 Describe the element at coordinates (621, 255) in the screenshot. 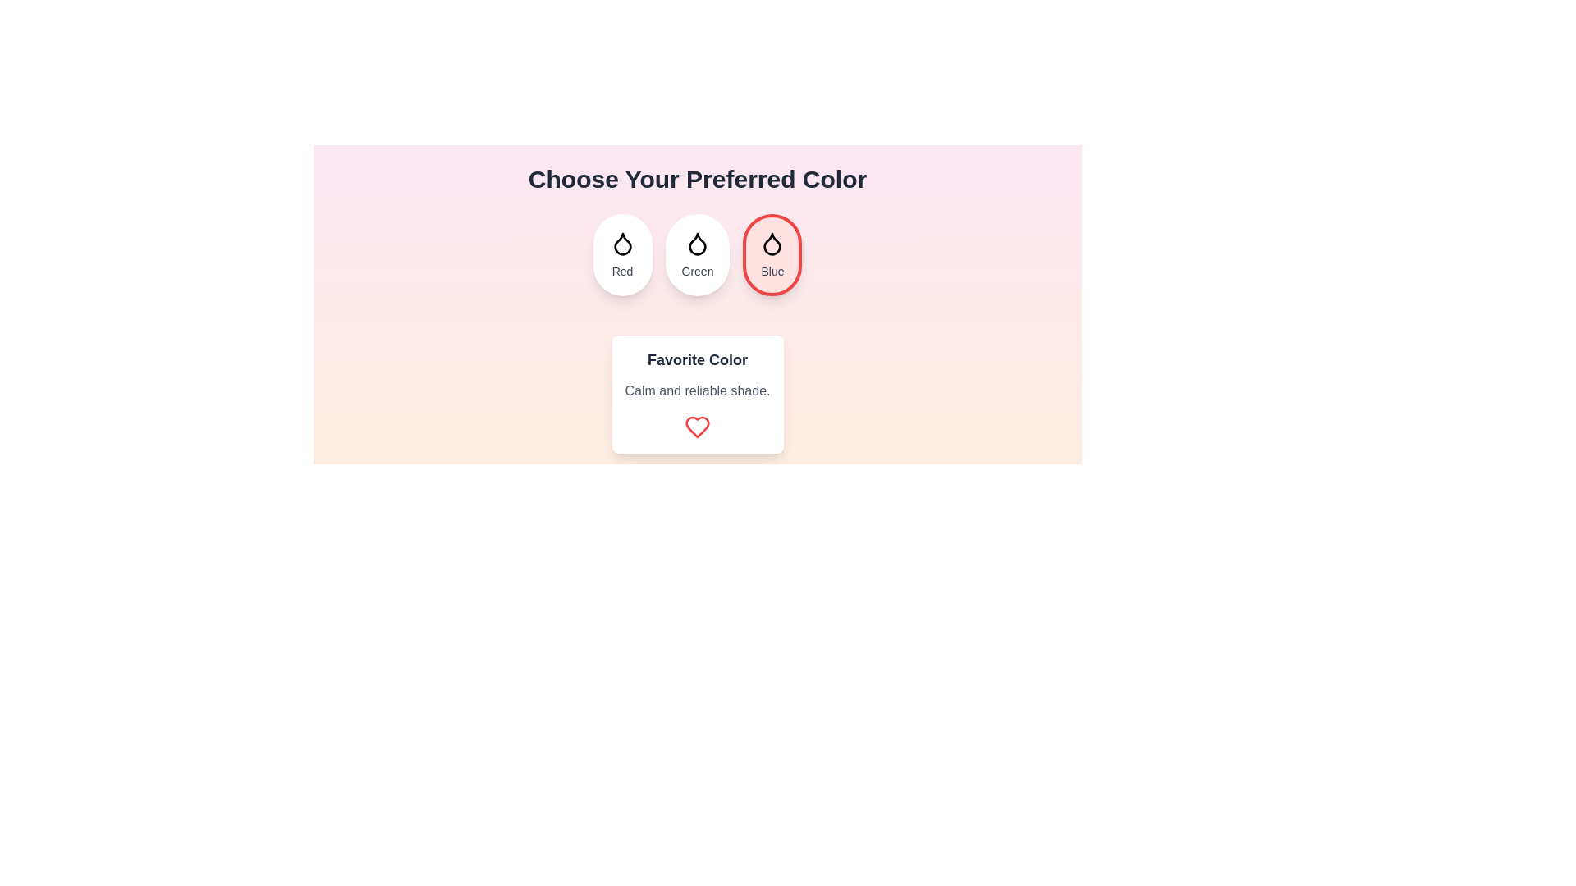

I see `the color Red by clicking on its button` at that location.